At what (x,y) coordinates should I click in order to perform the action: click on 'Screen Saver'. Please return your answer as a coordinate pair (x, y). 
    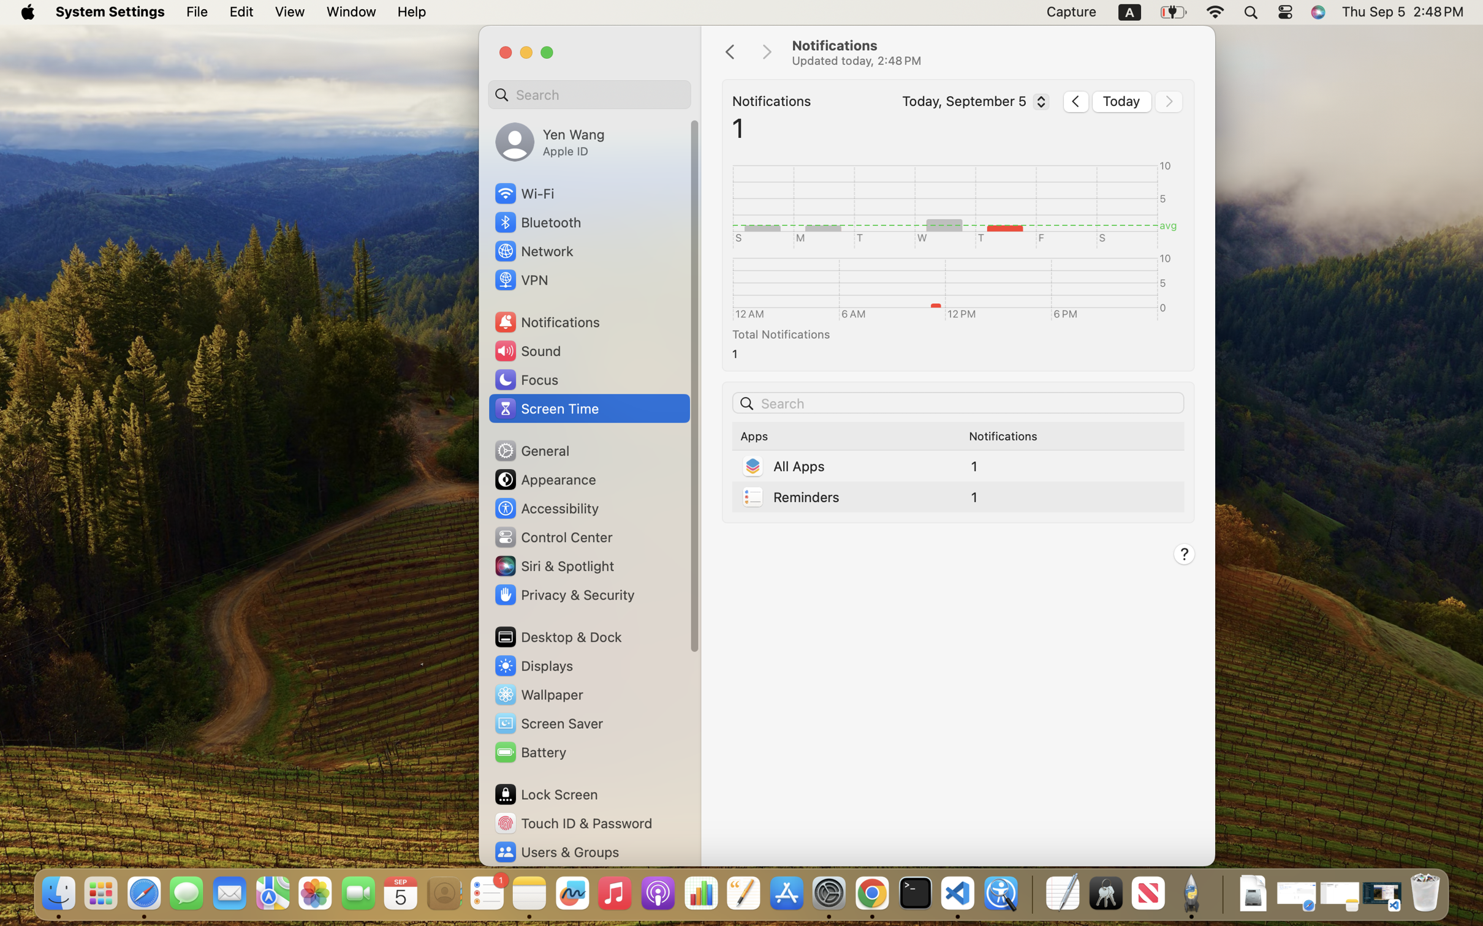
    Looking at the image, I should click on (548, 723).